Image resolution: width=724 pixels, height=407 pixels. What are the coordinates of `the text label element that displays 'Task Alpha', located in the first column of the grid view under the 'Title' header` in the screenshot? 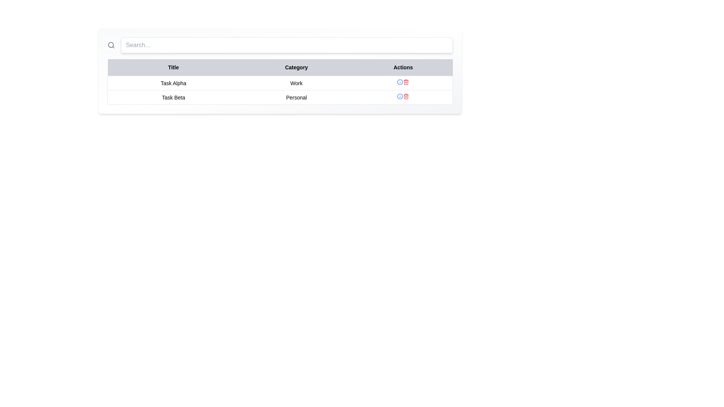 It's located at (173, 83).